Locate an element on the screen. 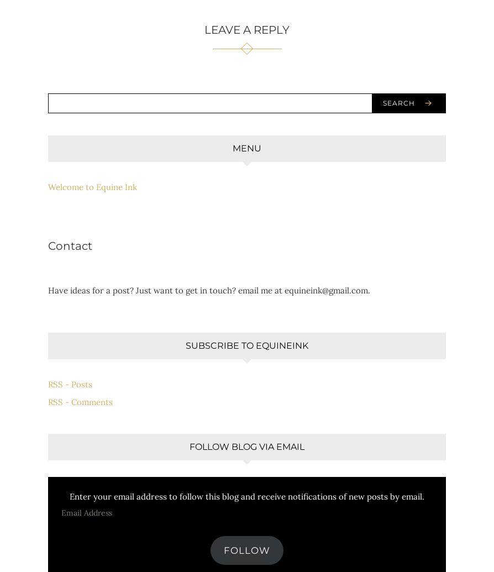  'Welcome to Equine Ink' is located at coordinates (92, 186).